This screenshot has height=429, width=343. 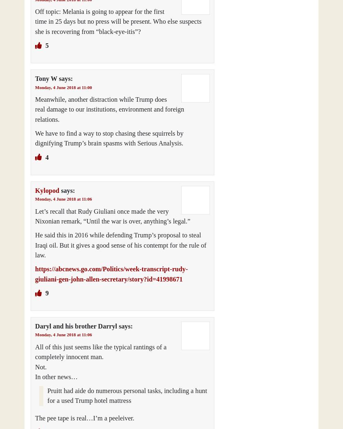 I want to click on 'Kylopod', so click(x=47, y=190).